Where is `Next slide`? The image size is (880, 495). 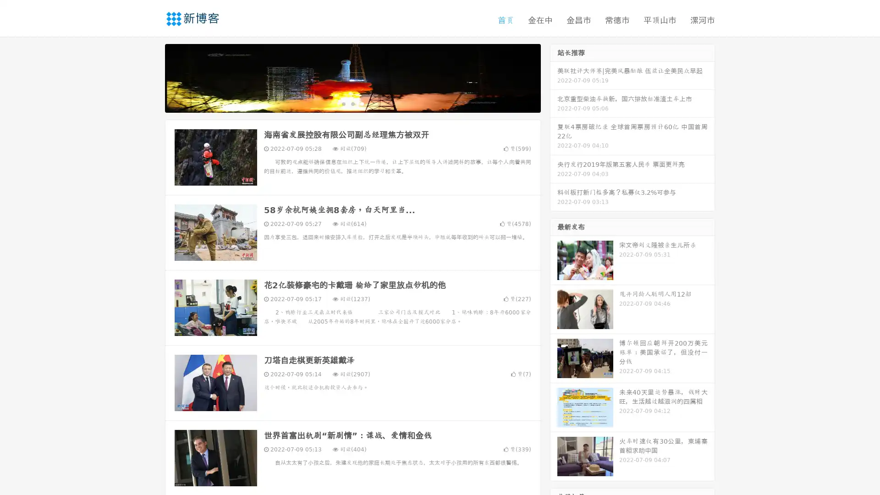 Next slide is located at coordinates (554, 77).